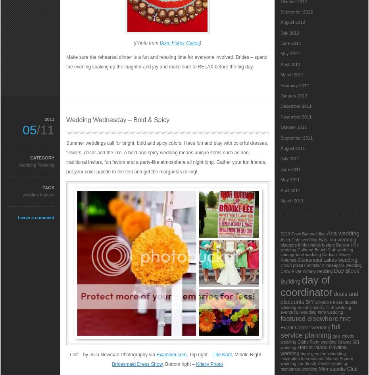 Image resolution: width=369 pixels, height=375 pixels. Describe the element at coordinates (45, 130) in the screenshot. I see `'/11'` at that location.